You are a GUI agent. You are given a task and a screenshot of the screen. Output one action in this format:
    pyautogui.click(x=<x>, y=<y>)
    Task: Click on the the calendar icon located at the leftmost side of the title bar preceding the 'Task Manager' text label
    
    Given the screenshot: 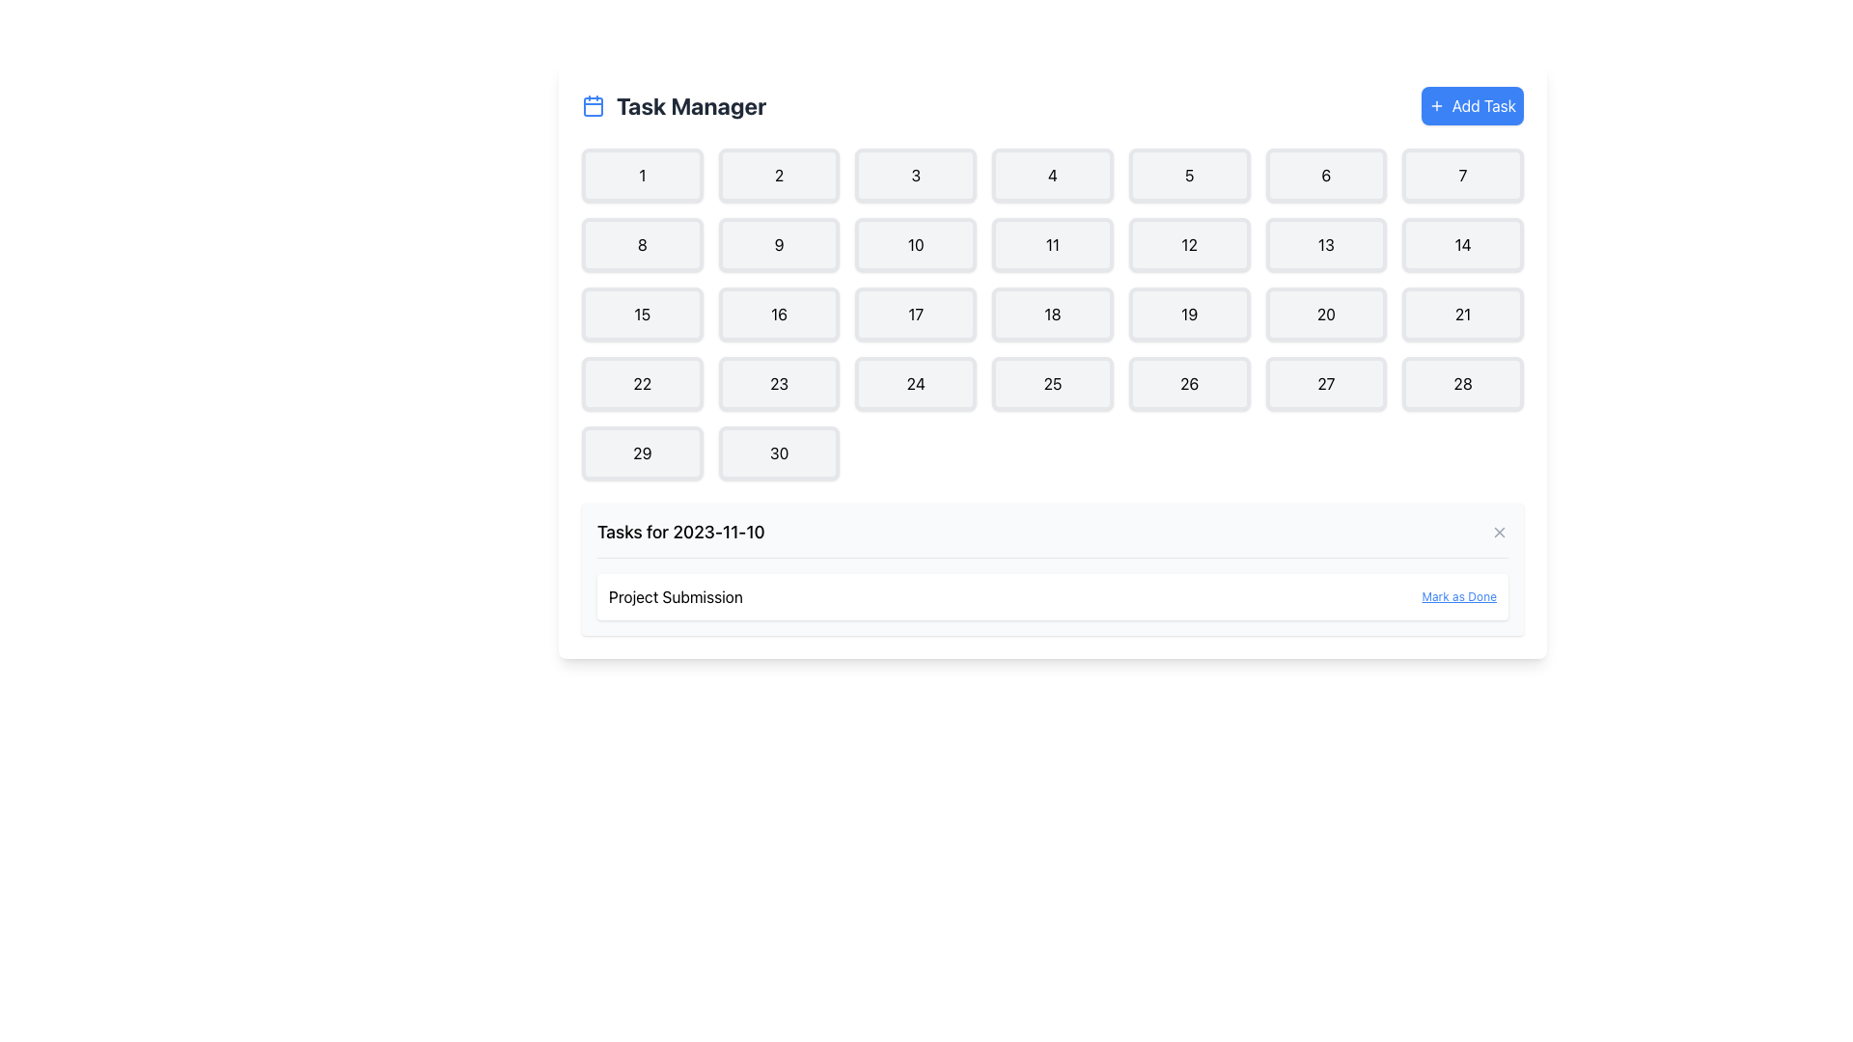 What is the action you would take?
    pyautogui.click(x=592, y=106)
    